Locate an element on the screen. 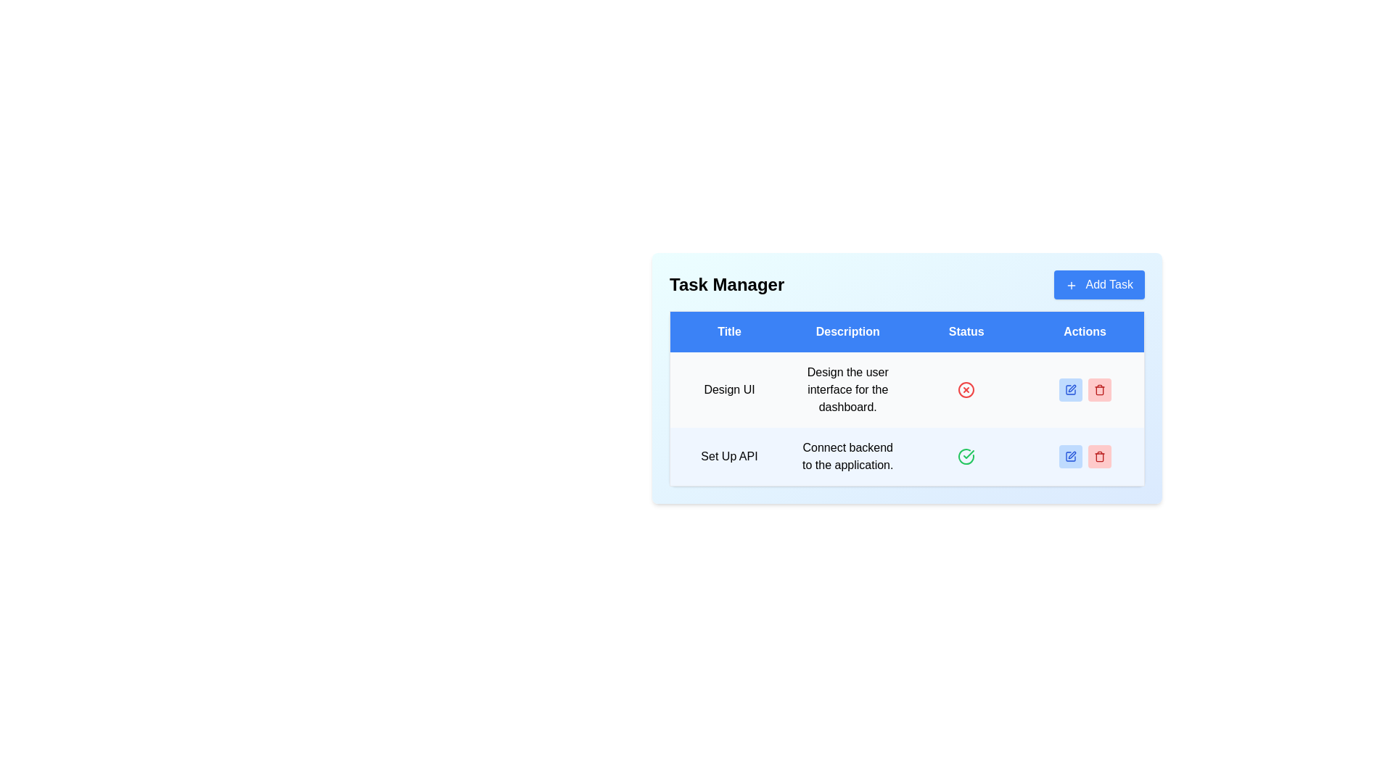  the Text Label that serves as a title for a task item in the task management interface, located in the first row under the 'Title' column of the table is located at coordinates (729, 389).